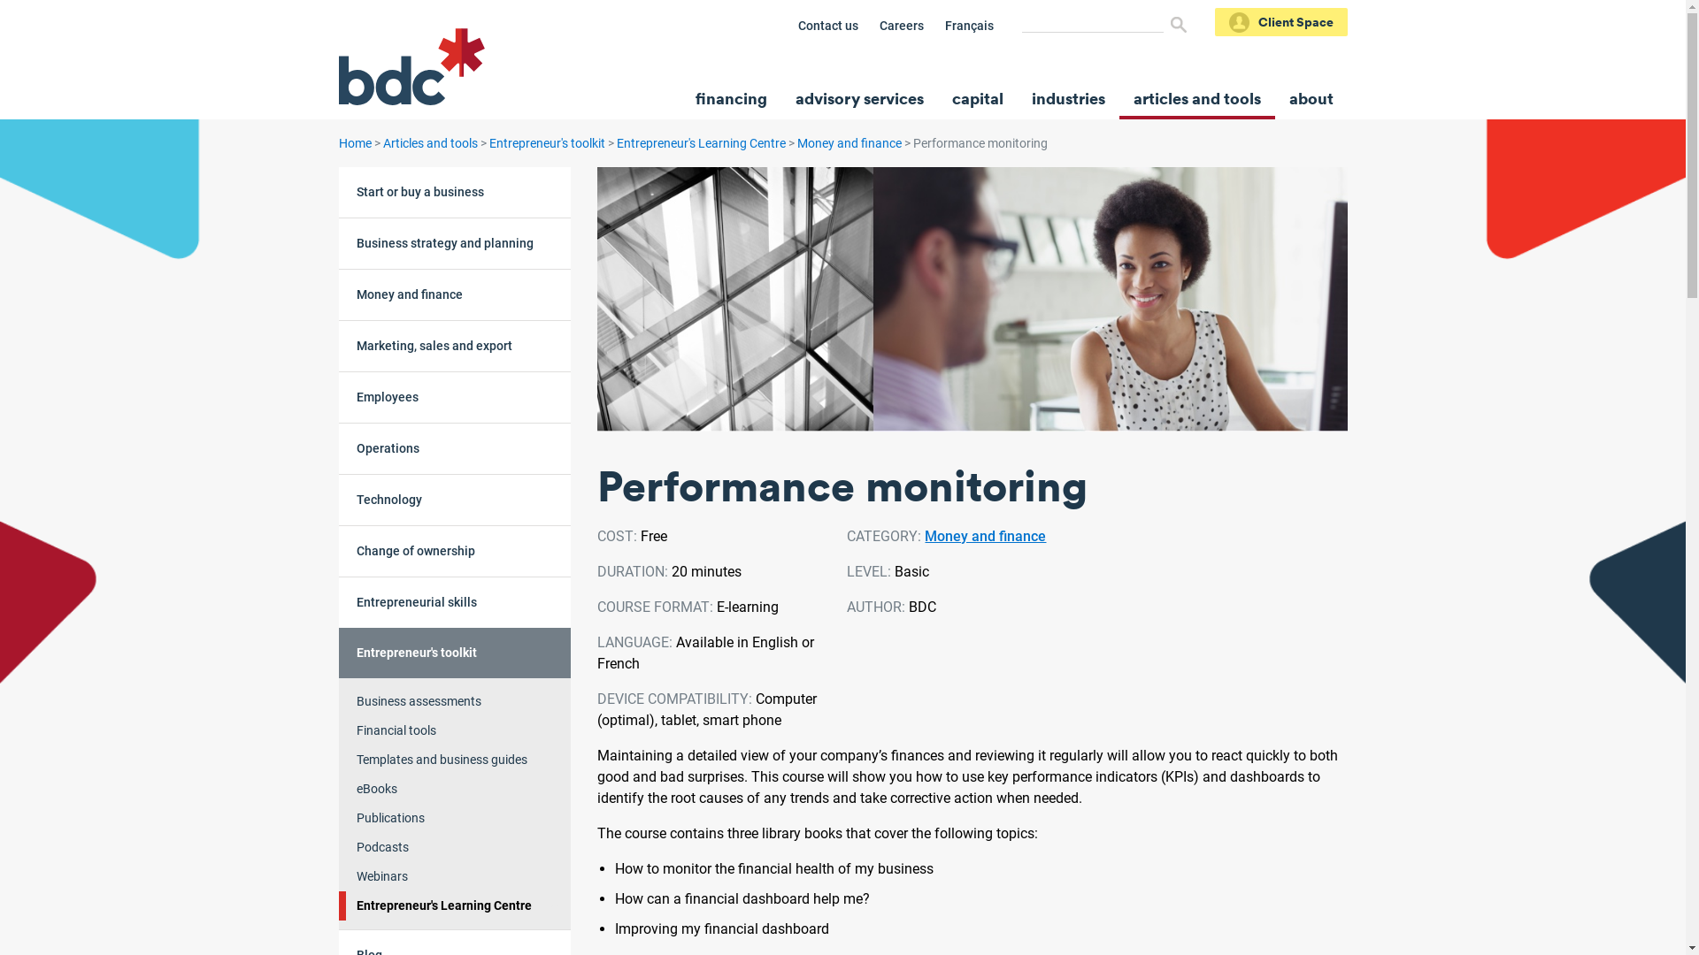 This screenshot has width=1699, height=955. Describe the element at coordinates (1196, 98) in the screenshot. I see `'articles and tools'` at that location.